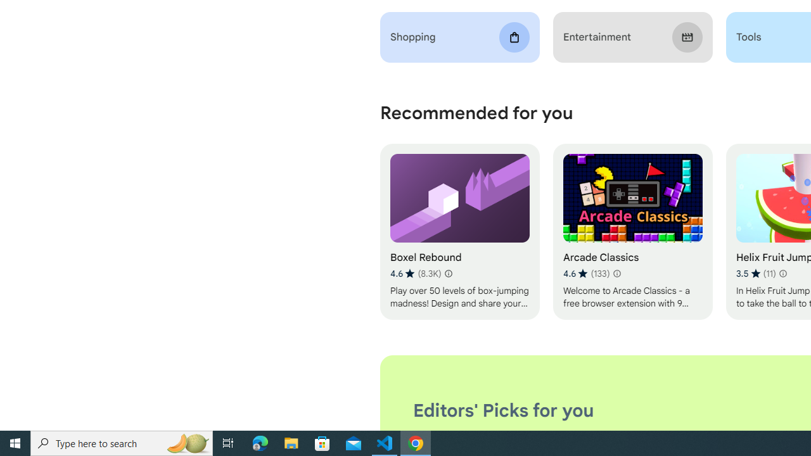 This screenshot has height=456, width=811. What do you see at coordinates (459, 232) in the screenshot?
I see `'Boxel Rebound'` at bounding box center [459, 232].